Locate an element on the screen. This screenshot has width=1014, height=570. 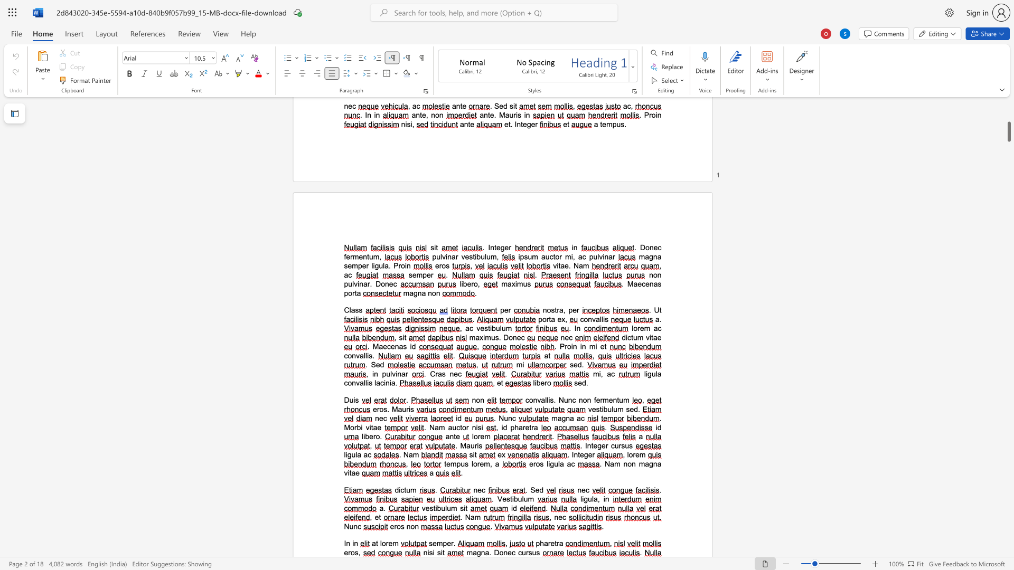
the space between the continuous character "r" and "s" in the text is located at coordinates (529, 552).